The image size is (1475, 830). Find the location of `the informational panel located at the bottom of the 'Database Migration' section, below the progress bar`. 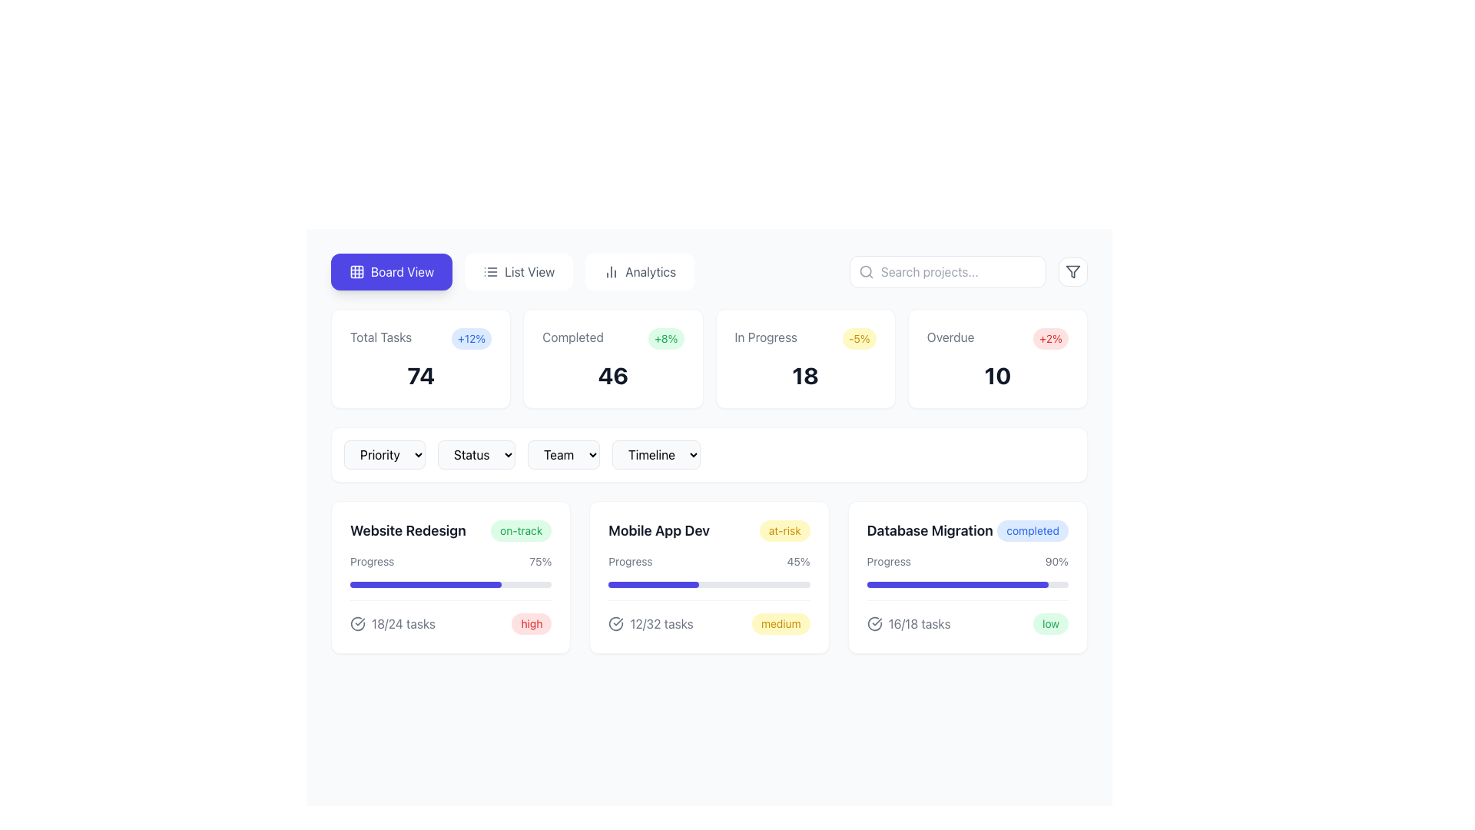

the informational panel located at the bottom of the 'Database Migration' section, below the progress bar is located at coordinates (966, 616).